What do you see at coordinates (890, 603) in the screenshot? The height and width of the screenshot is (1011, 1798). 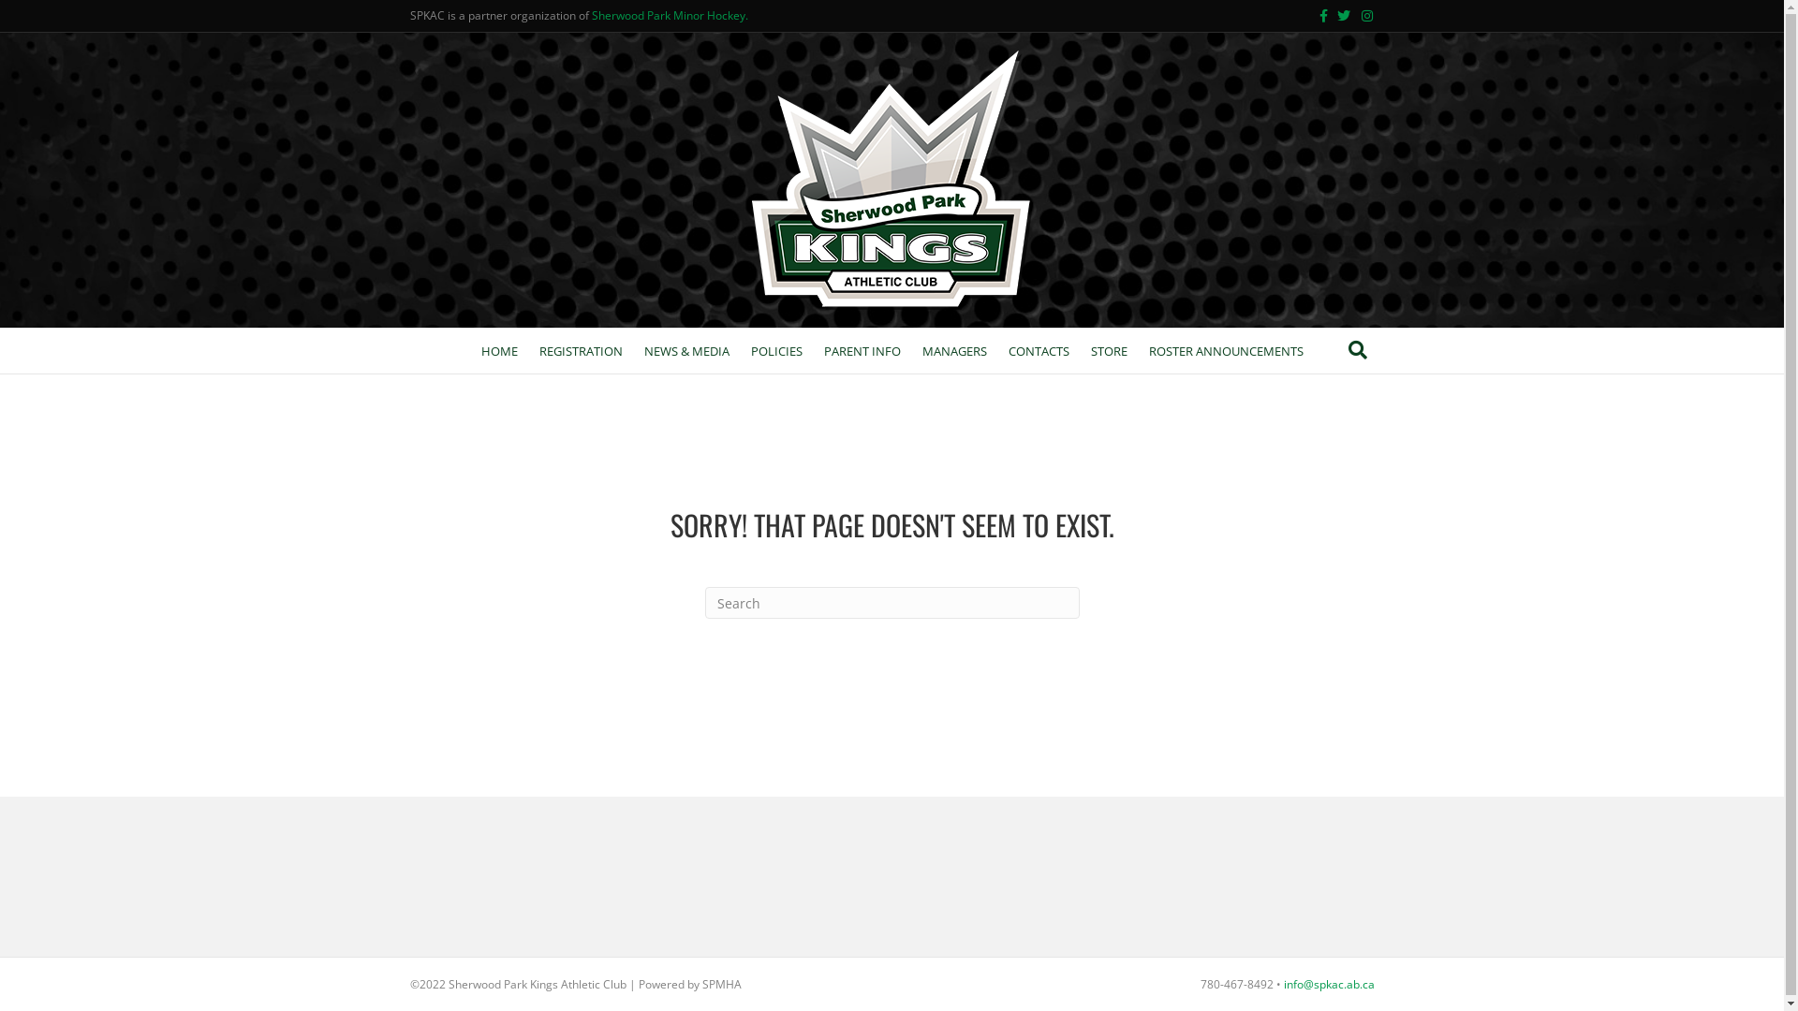 I see `'Type and press Enter to search.'` at bounding box center [890, 603].